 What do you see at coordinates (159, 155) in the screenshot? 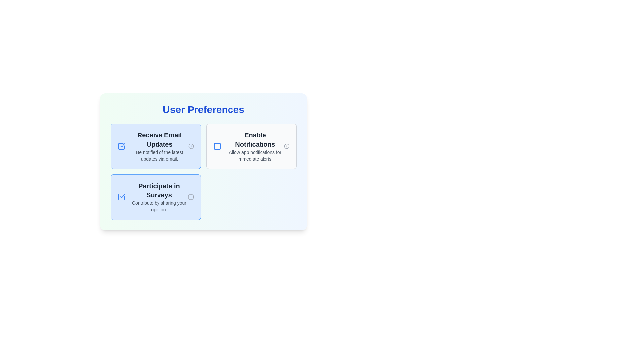
I see `the text element that says 'Be notified of the latest updates via email.' located beneath the title 'Receive Email Updates.'` at bounding box center [159, 155].